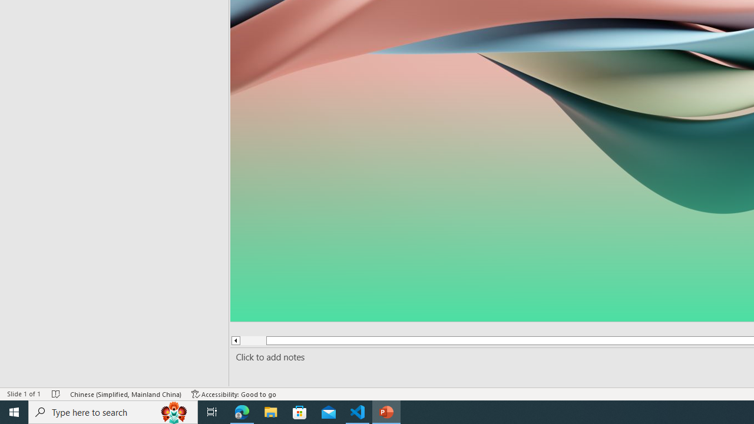 The width and height of the screenshot is (754, 424). What do you see at coordinates (56, 394) in the screenshot?
I see `'Spell Check No Errors'` at bounding box center [56, 394].